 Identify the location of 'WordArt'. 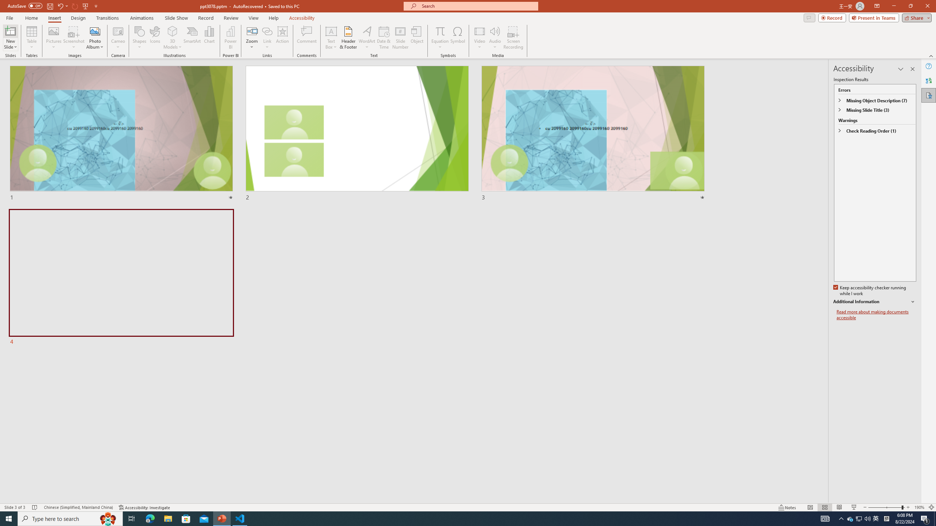
(366, 38).